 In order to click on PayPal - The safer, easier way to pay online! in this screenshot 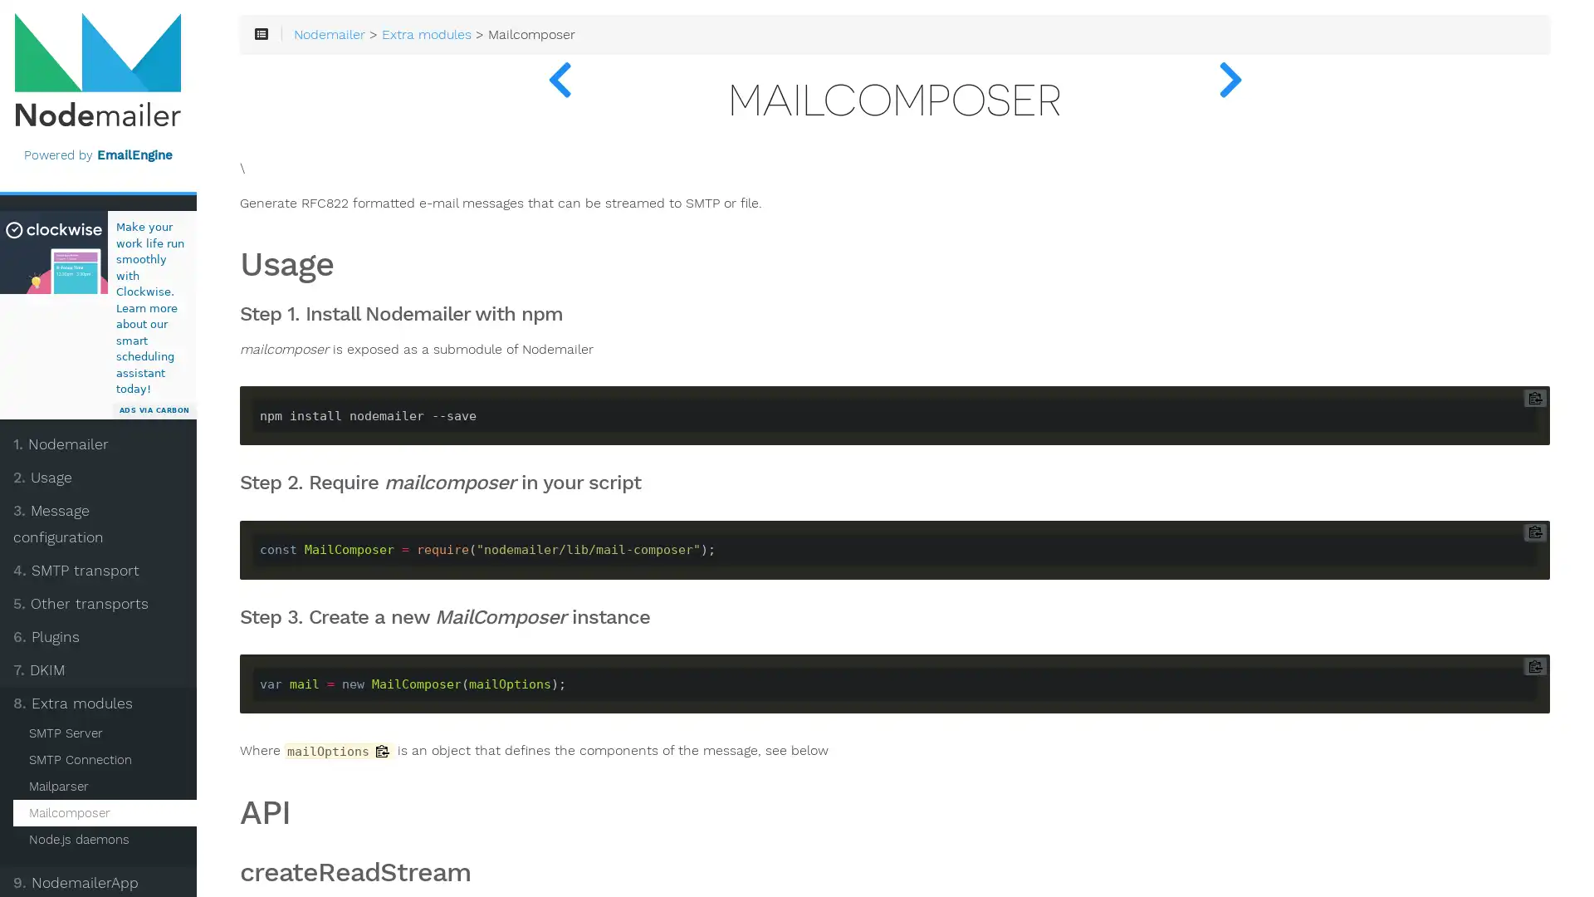, I will do `click(121, 871)`.